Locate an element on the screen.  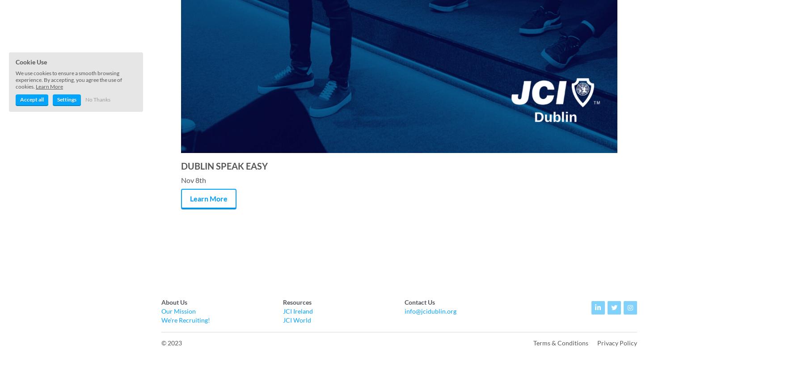
'Privacy Policy' is located at coordinates (616, 342).